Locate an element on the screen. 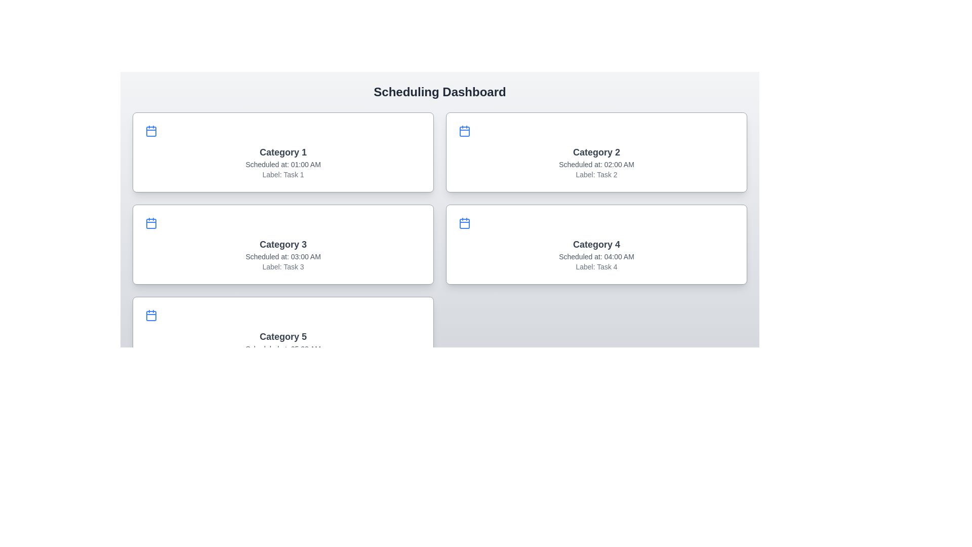 The width and height of the screenshot is (972, 547). to select or interact with the Card Component displaying 'Category 2', which features a blue calendar icon and text including 'Scheduled at: 02:00 AM' is located at coordinates (596, 152).